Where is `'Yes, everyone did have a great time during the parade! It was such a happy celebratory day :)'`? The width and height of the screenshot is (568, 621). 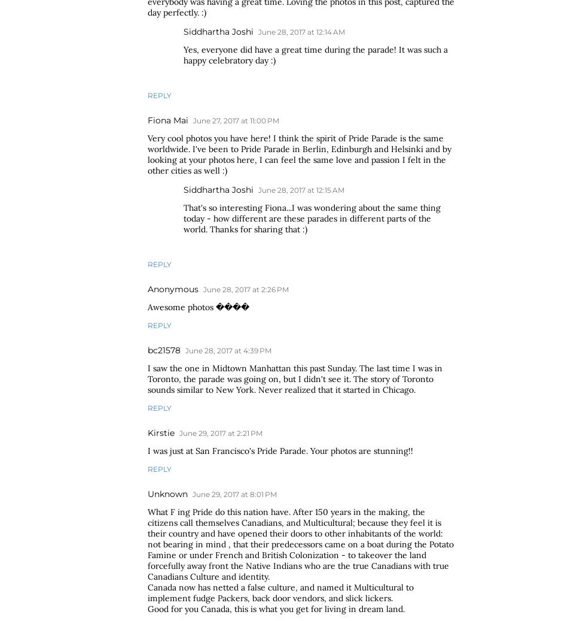
'Yes, everyone did have a great time during the parade! It was such a happy celebratory day :)' is located at coordinates (183, 54).